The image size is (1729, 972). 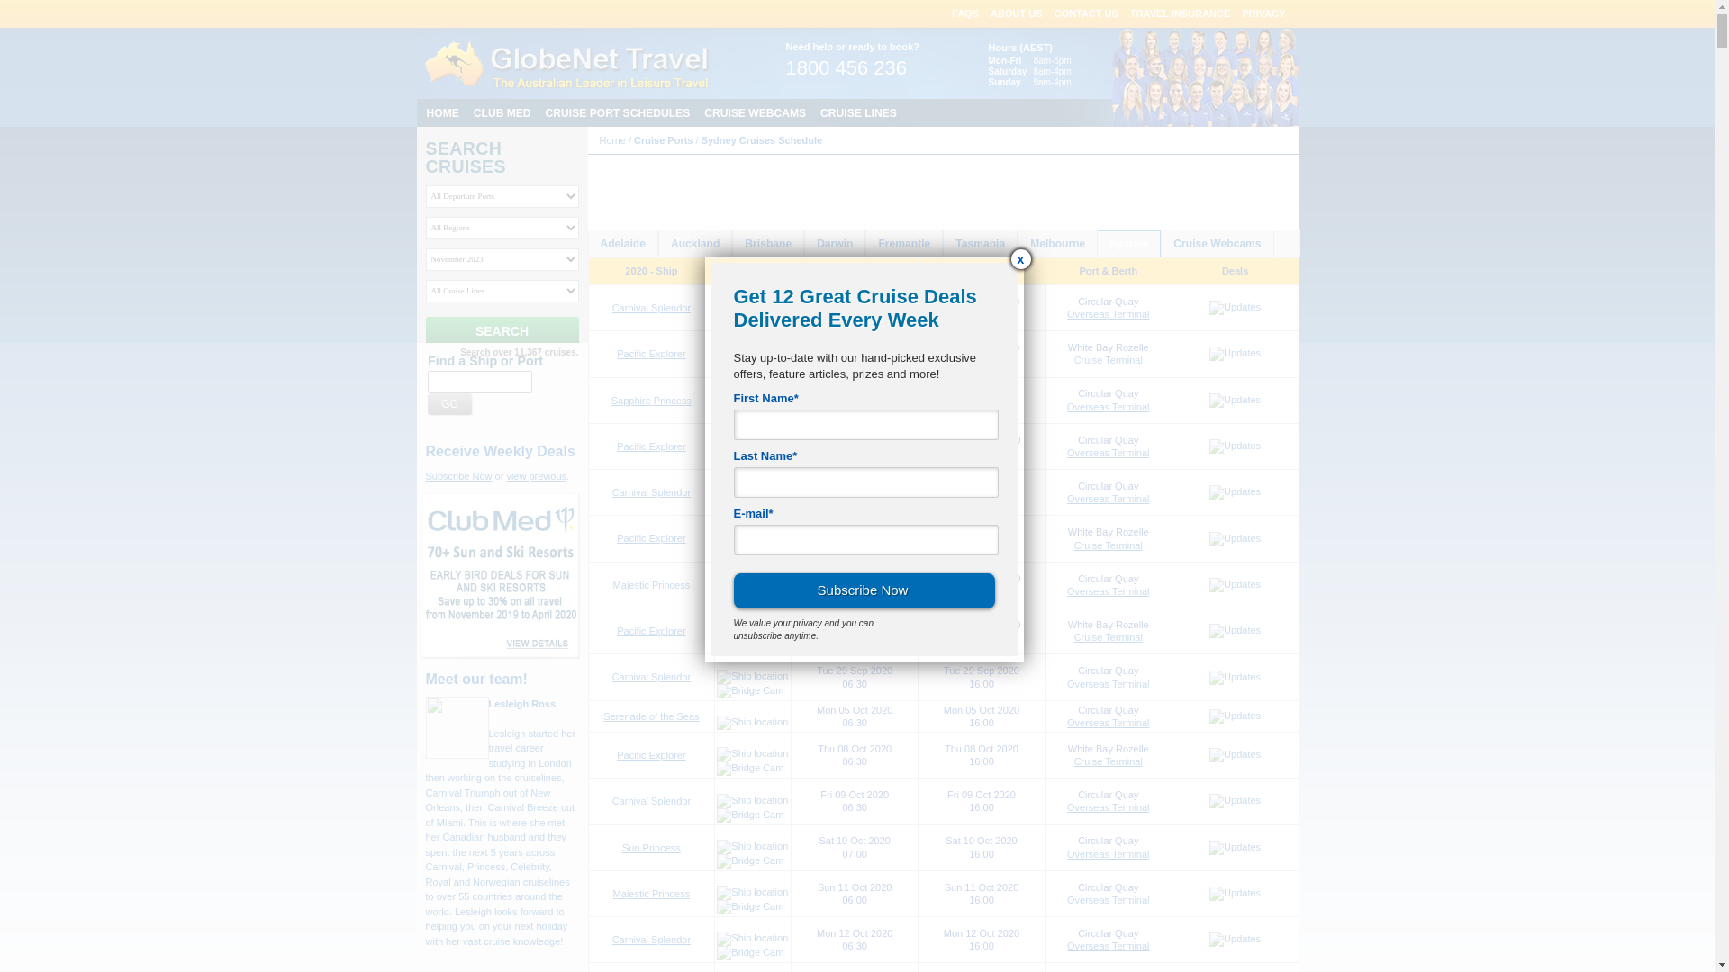 What do you see at coordinates (910, 211) in the screenshot?
I see `'HERE'` at bounding box center [910, 211].